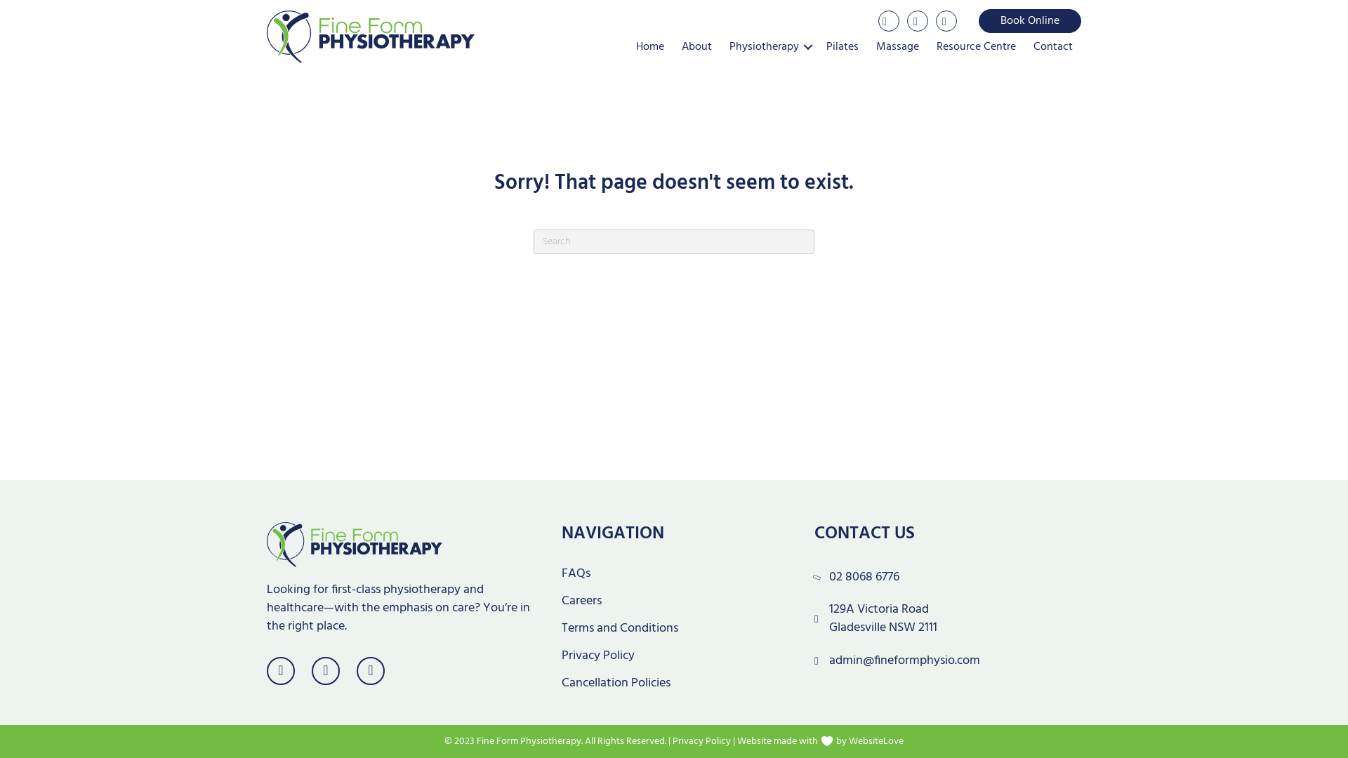  What do you see at coordinates (701, 740) in the screenshot?
I see `'Privacy Policy'` at bounding box center [701, 740].